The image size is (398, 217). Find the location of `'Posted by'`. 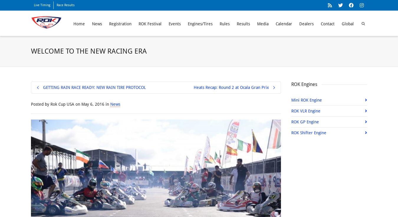

'Posted by' is located at coordinates (40, 104).